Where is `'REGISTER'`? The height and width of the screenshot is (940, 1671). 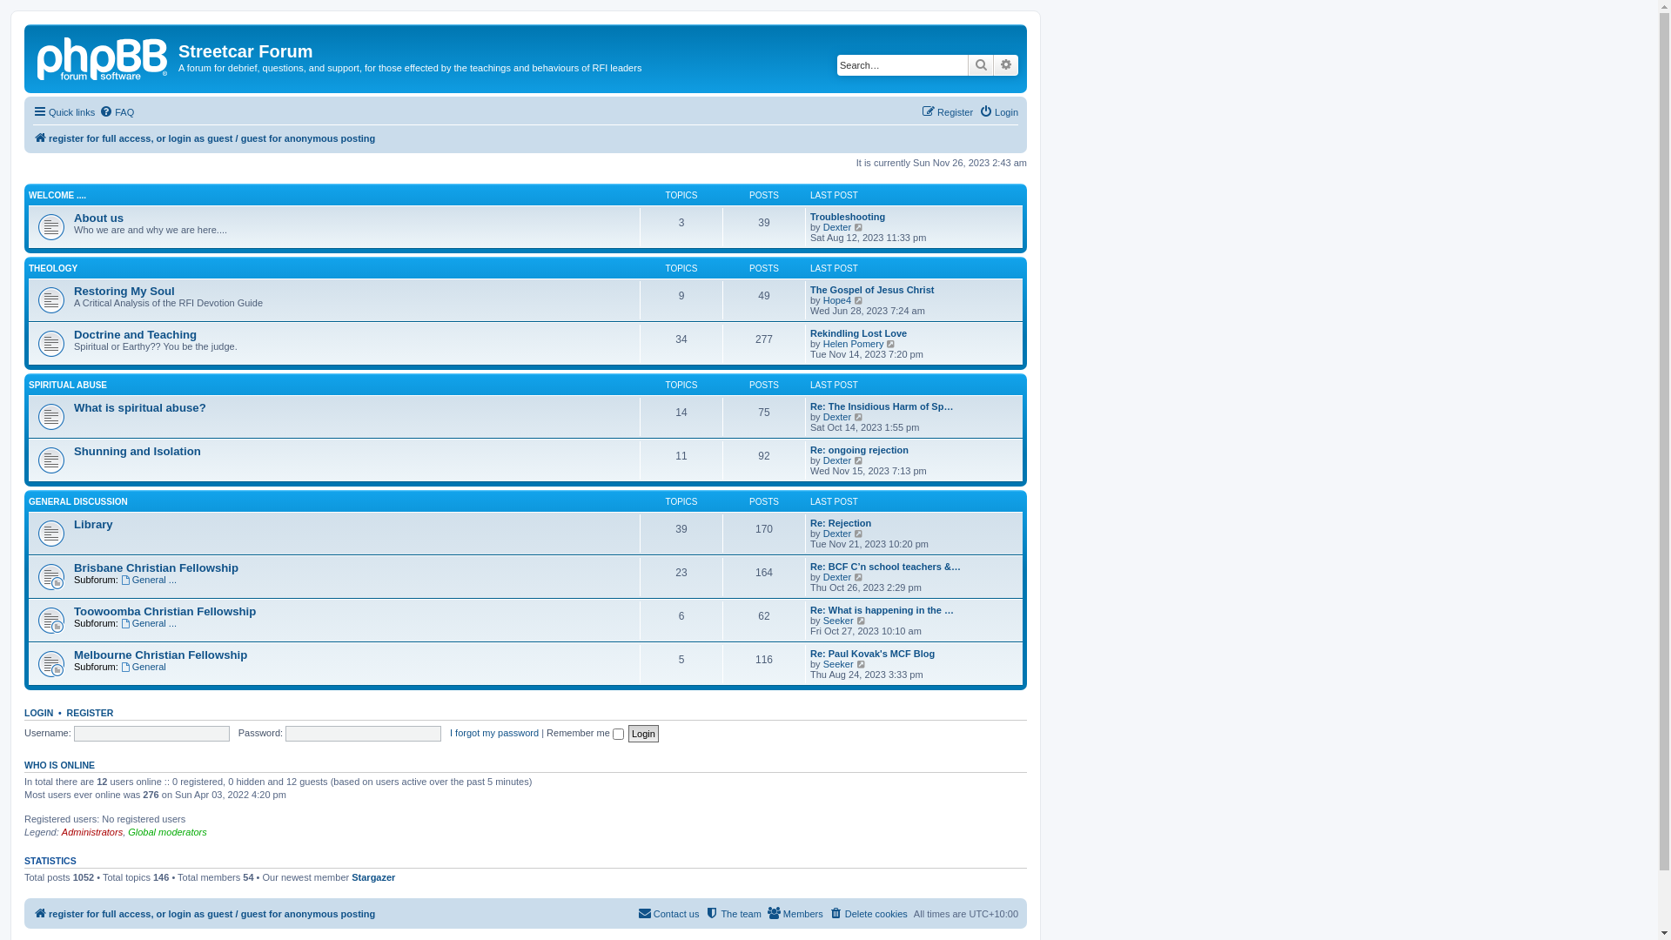 'REGISTER' is located at coordinates (90, 712).